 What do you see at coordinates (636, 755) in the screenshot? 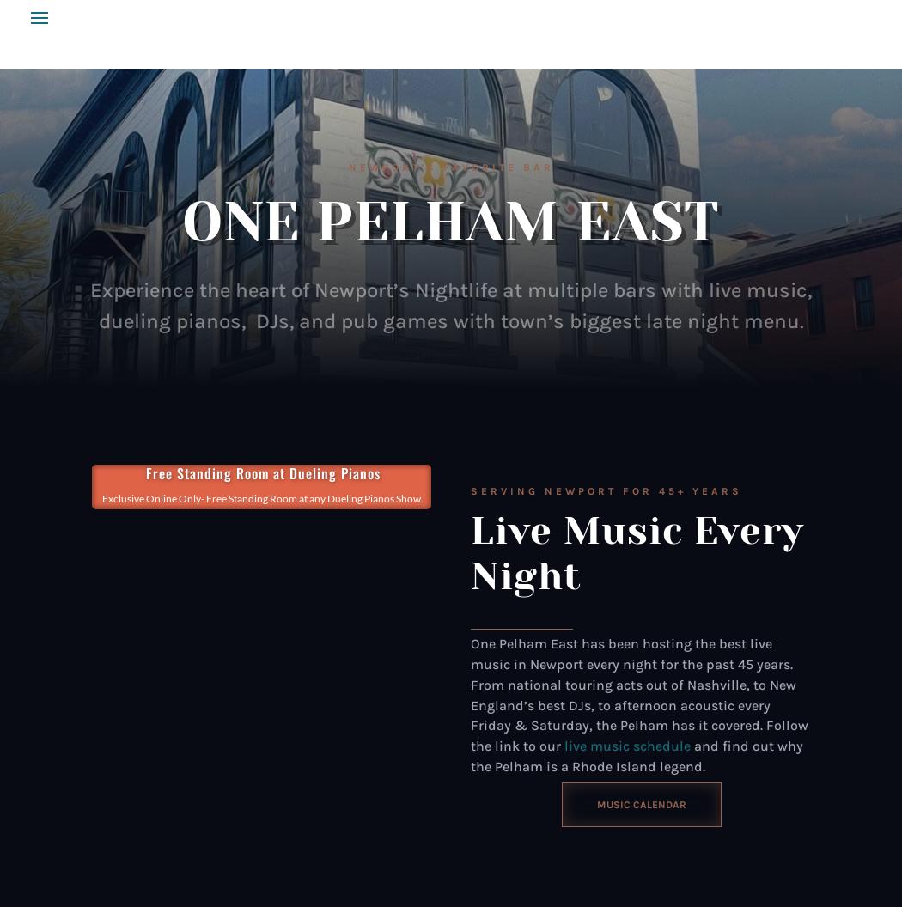
I see `'and find out why the Pelham is a Rhode Island legend.'` at bounding box center [636, 755].